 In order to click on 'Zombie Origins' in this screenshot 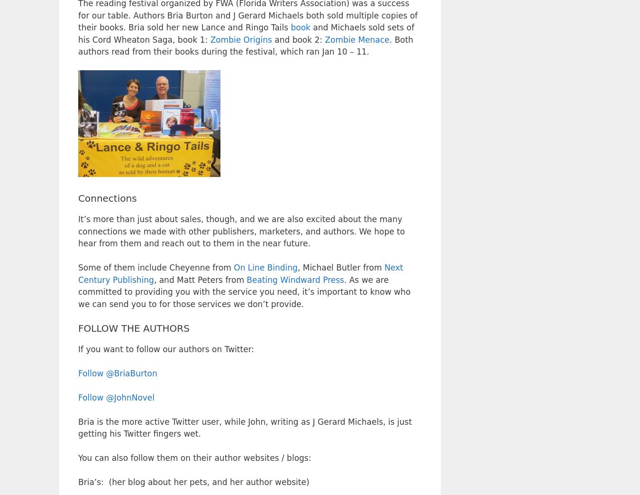, I will do `click(240, 39)`.